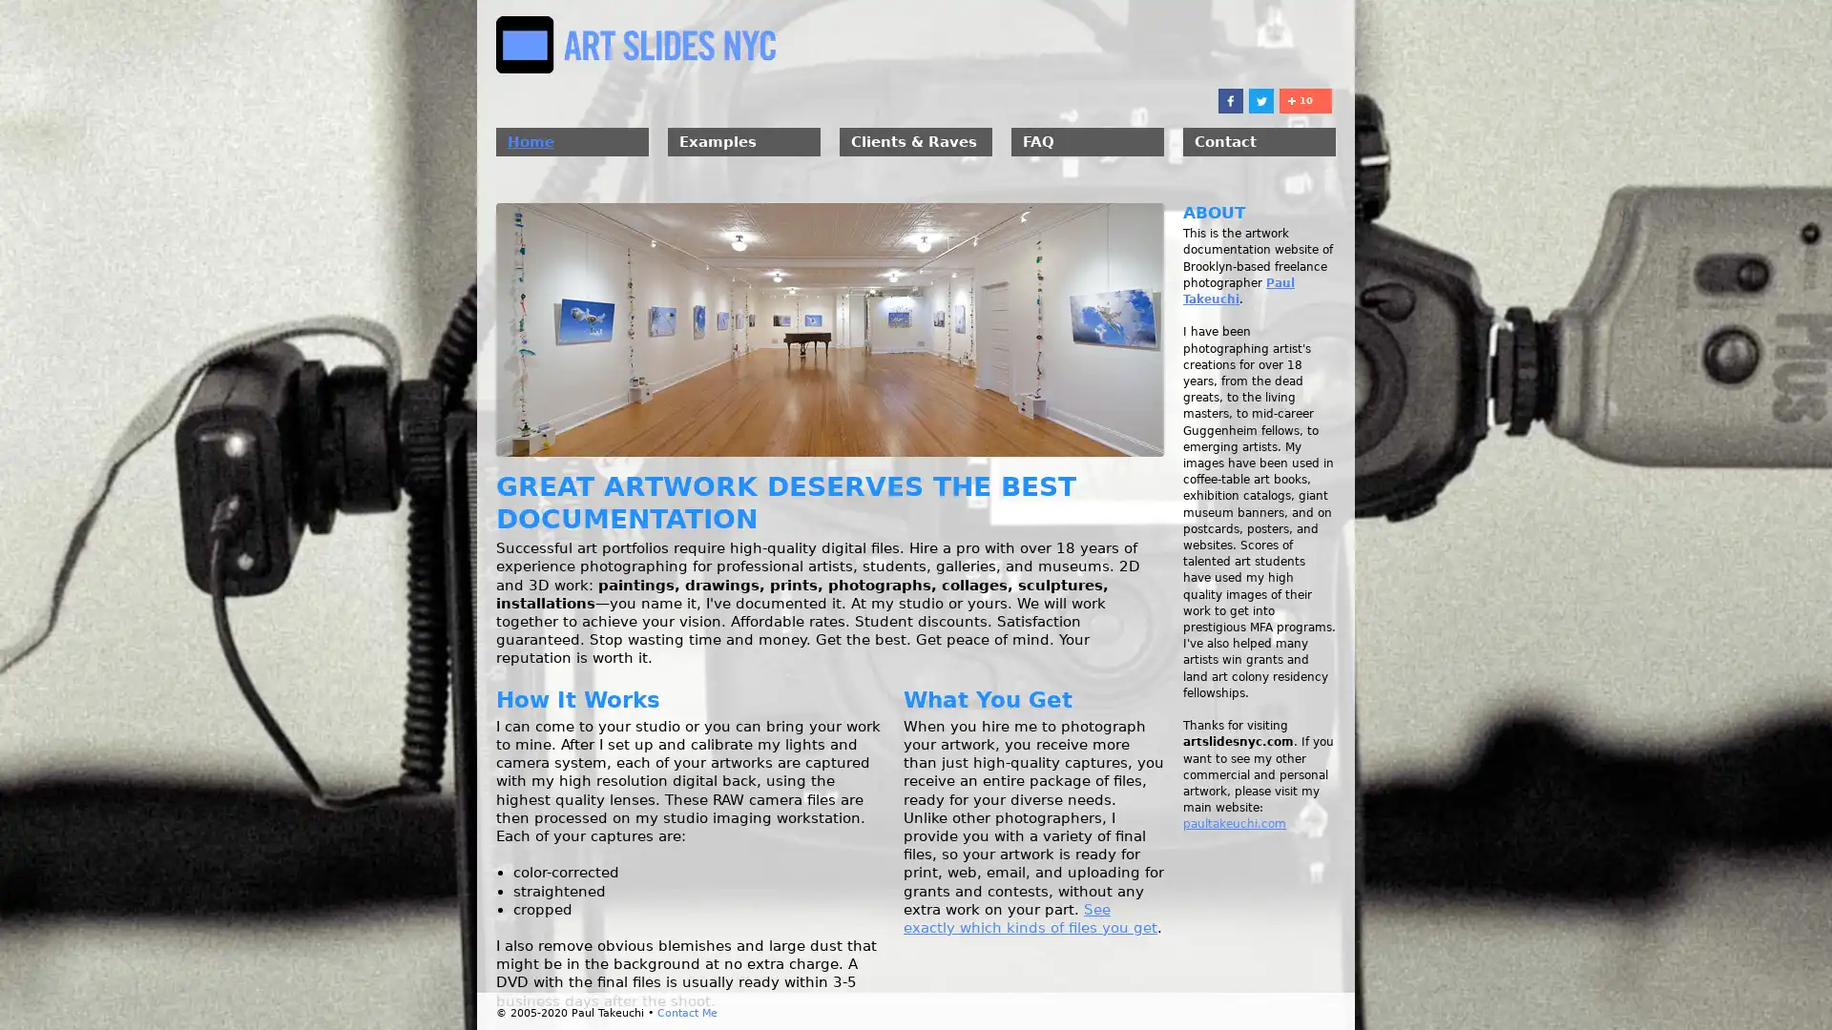 Image resolution: width=1832 pixels, height=1030 pixels. What do you see at coordinates (1264, 99) in the screenshot?
I see `Share to Twitter` at bounding box center [1264, 99].